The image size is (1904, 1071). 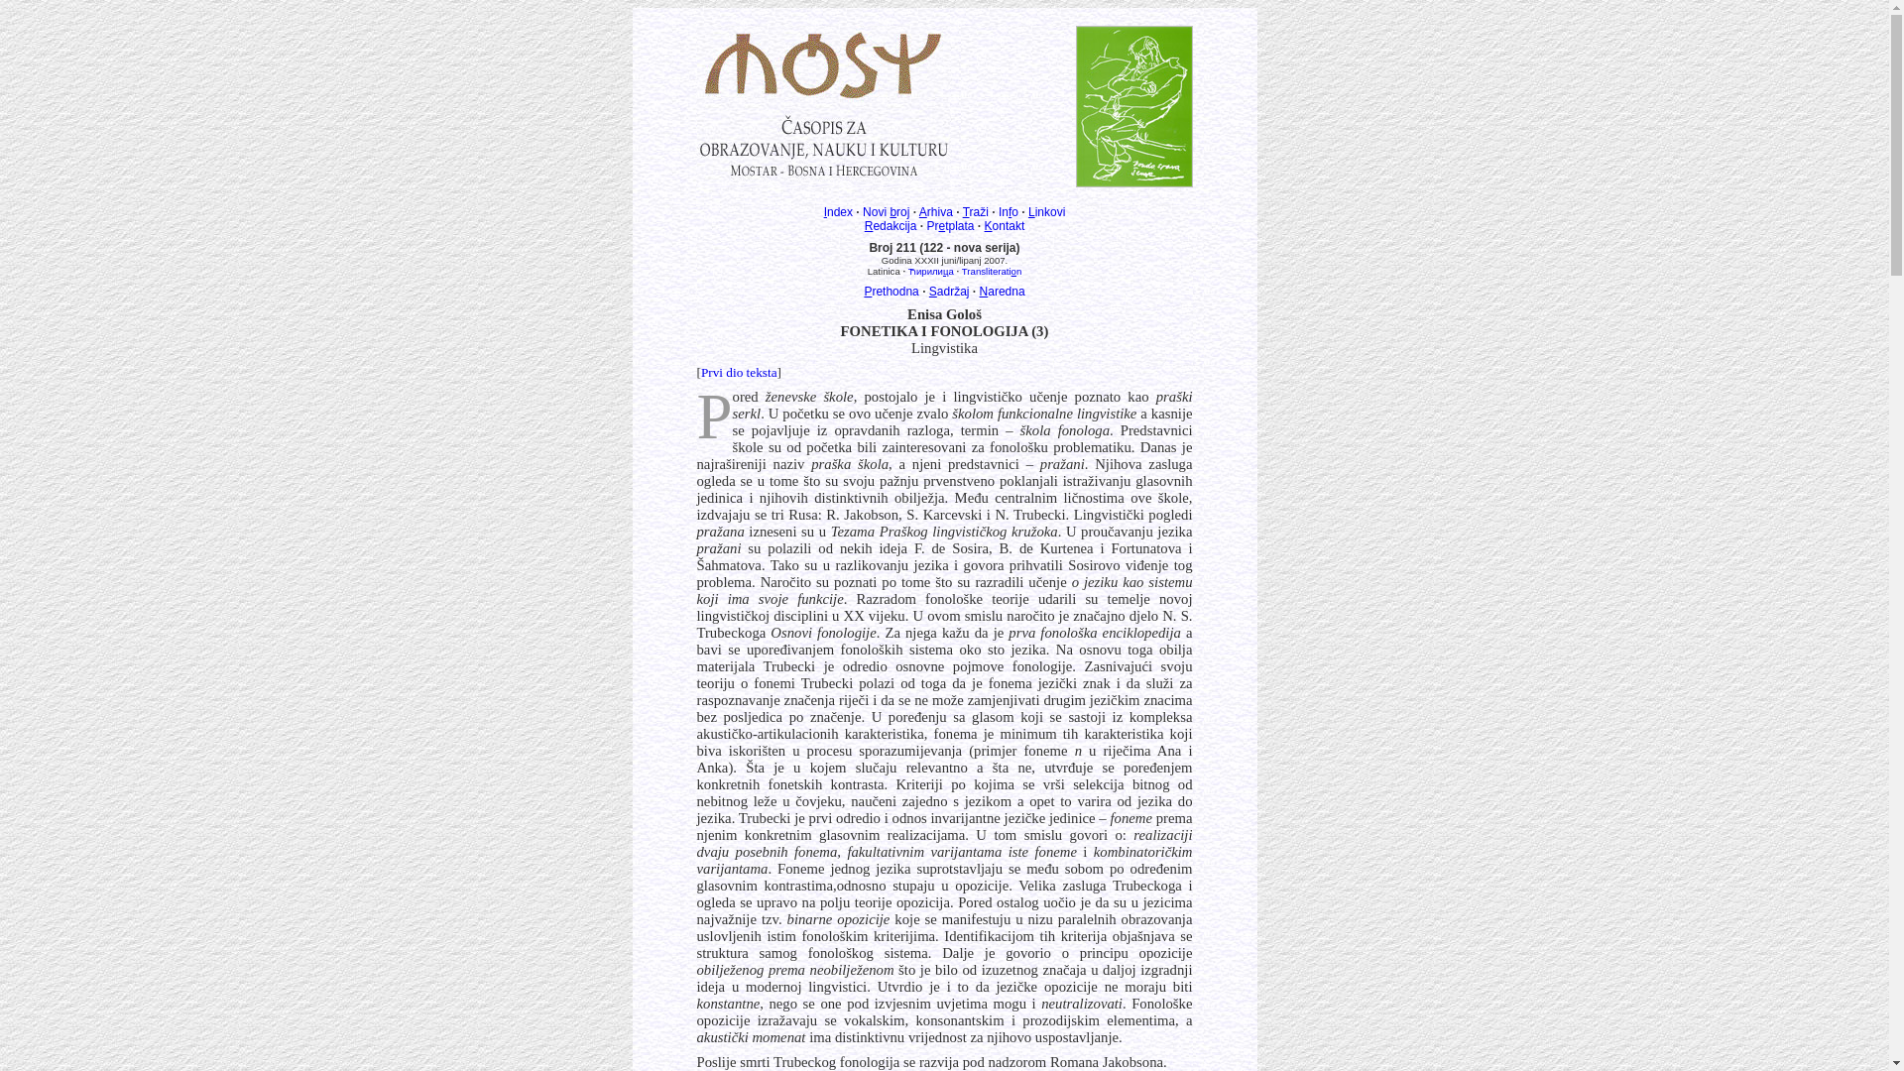 I want to click on 'Naredna', so click(x=1003, y=291).